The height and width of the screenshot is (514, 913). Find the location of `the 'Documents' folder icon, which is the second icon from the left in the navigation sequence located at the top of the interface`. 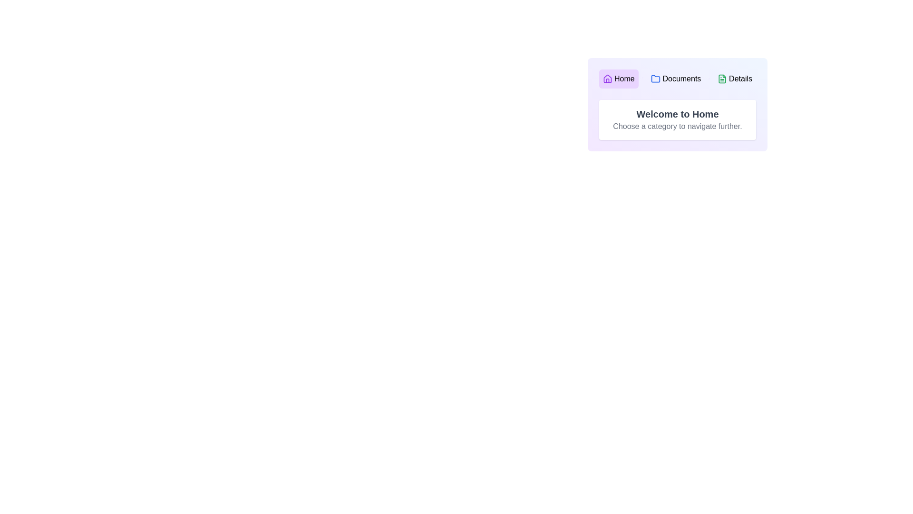

the 'Documents' folder icon, which is the second icon from the left in the navigation sequence located at the top of the interface is located at coordinates (655, 78).